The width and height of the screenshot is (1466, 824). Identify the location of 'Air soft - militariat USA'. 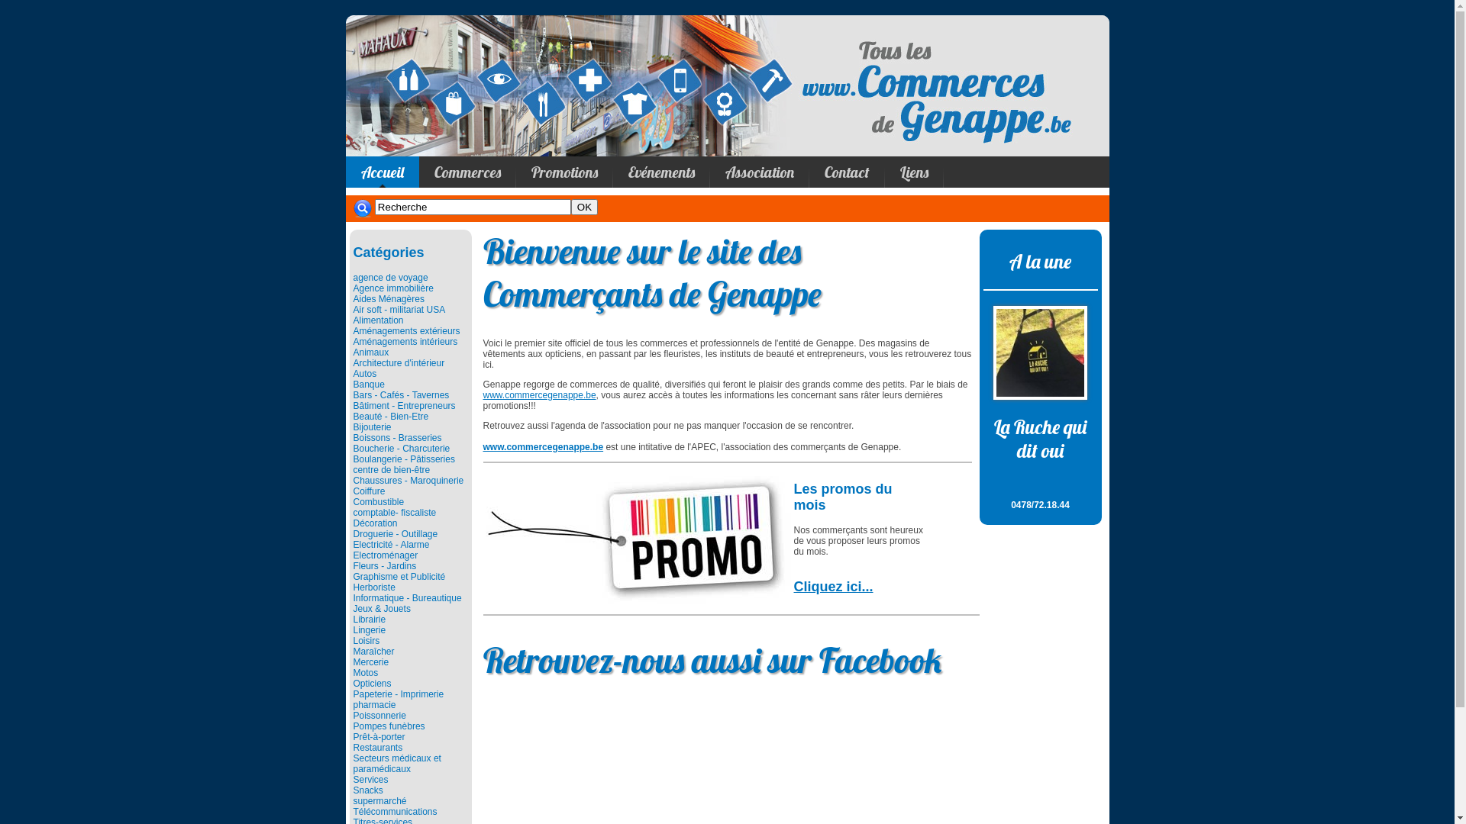
(399, 309).